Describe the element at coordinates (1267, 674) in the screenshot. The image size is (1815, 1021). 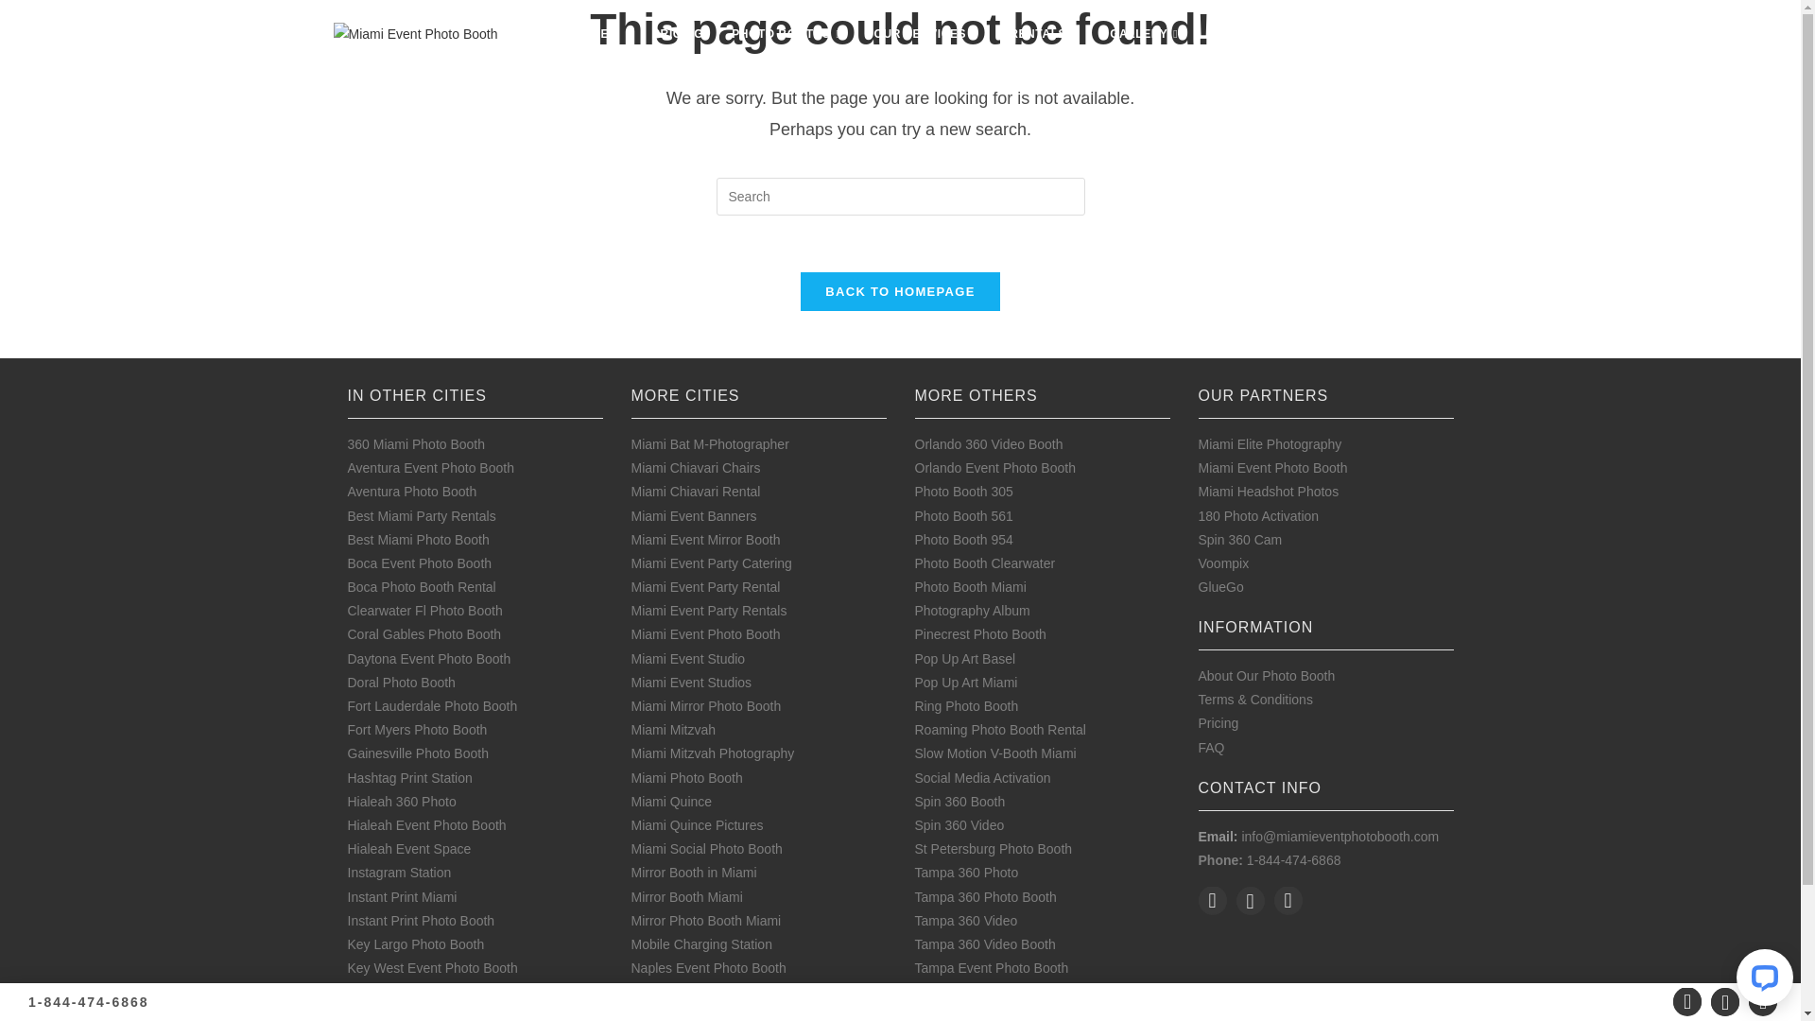
I see `'About Our Photo Booth'` at that location.